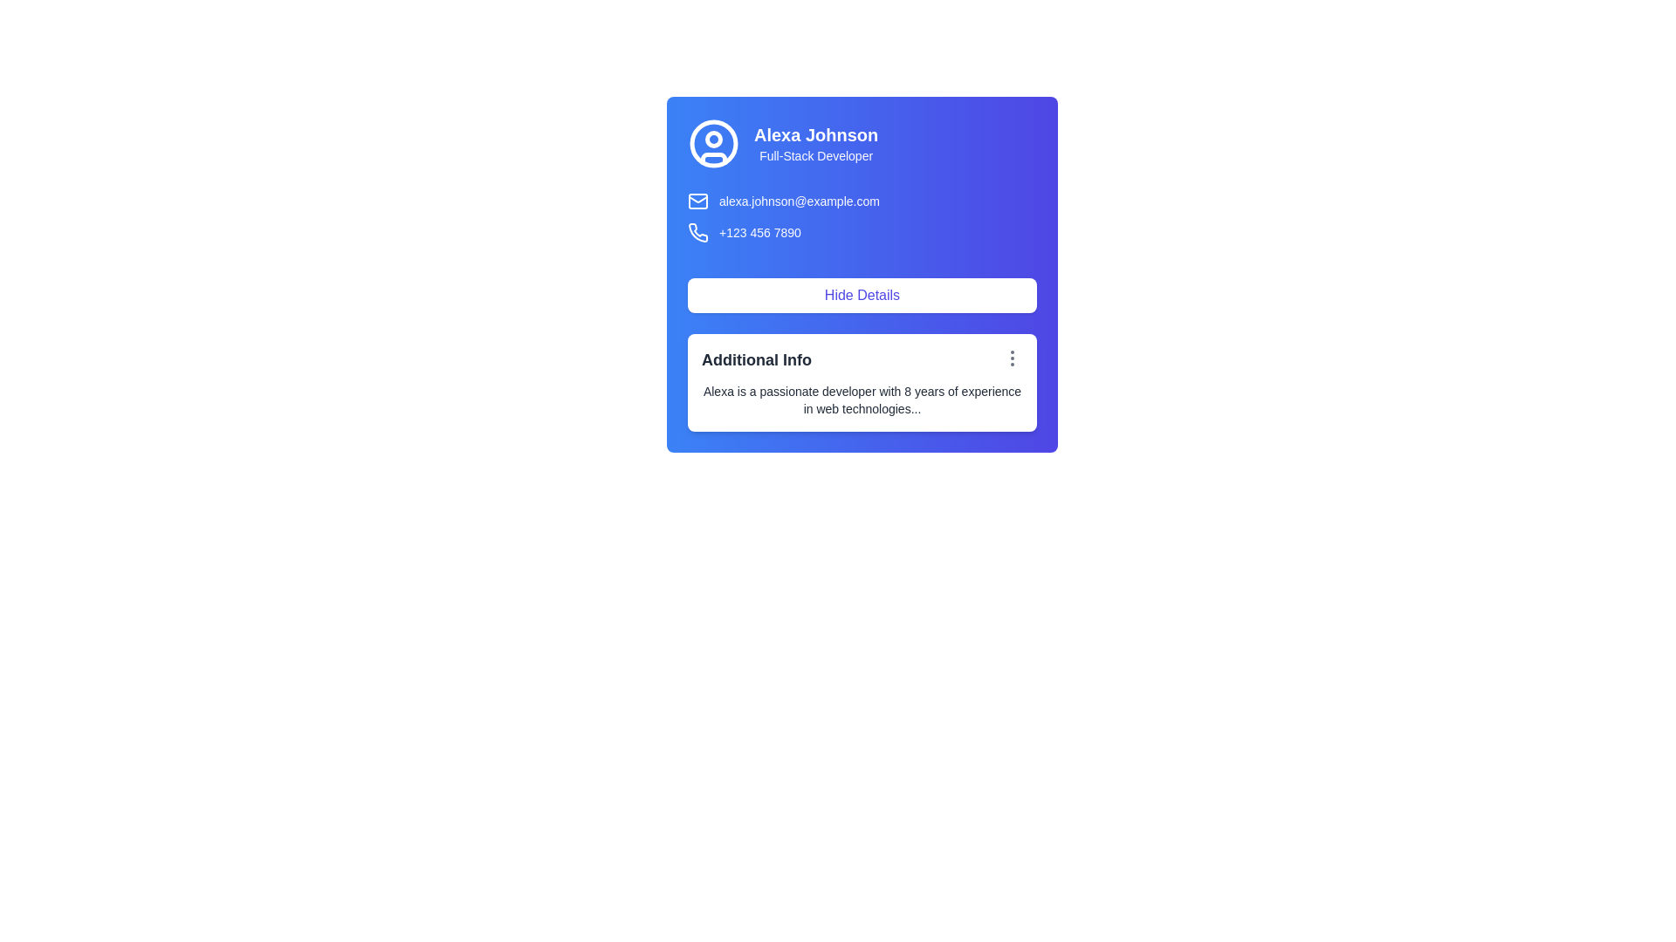 Image resolution: width=1676 pixels, height=942 pixels. I want to click on the static text element displaying 'Alexa Johnson', which is prominently styled in white against a blue background, located near the top left of the card, so click(815, 133).